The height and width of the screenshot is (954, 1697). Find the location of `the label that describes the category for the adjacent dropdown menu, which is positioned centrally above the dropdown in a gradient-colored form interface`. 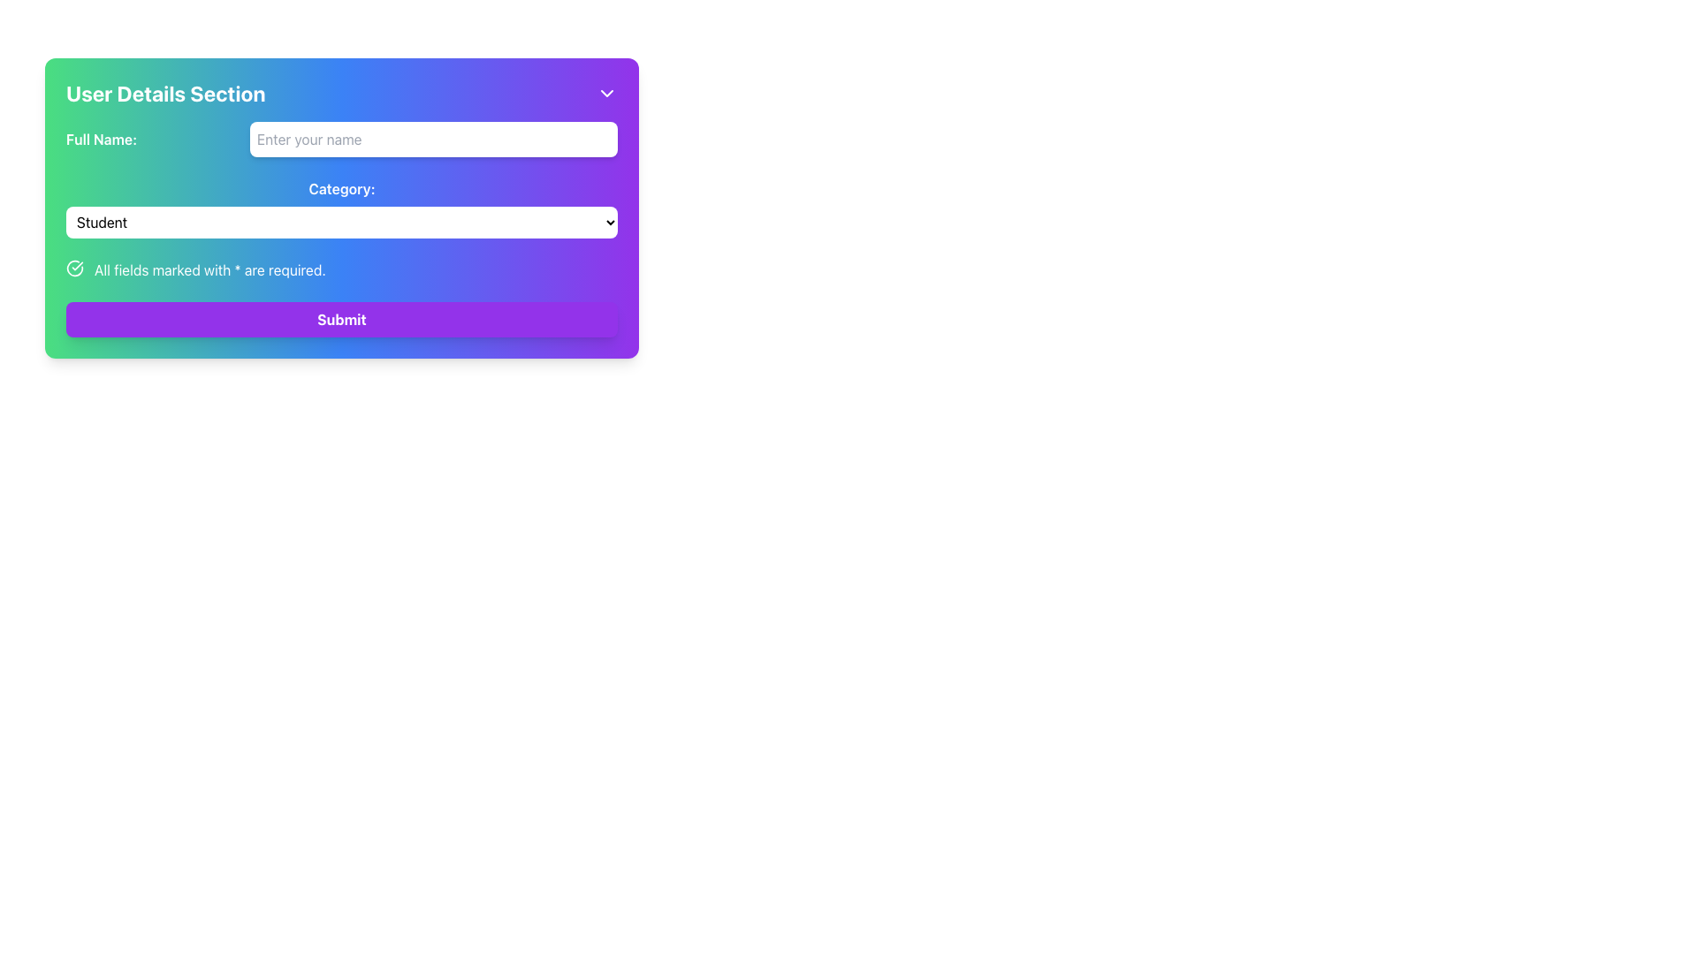

the label that describes the category for the adjacent dropdown menu, which is positioned centrally above the dropdown in a gradient-colored form interface is located at coordinates (342, 188).